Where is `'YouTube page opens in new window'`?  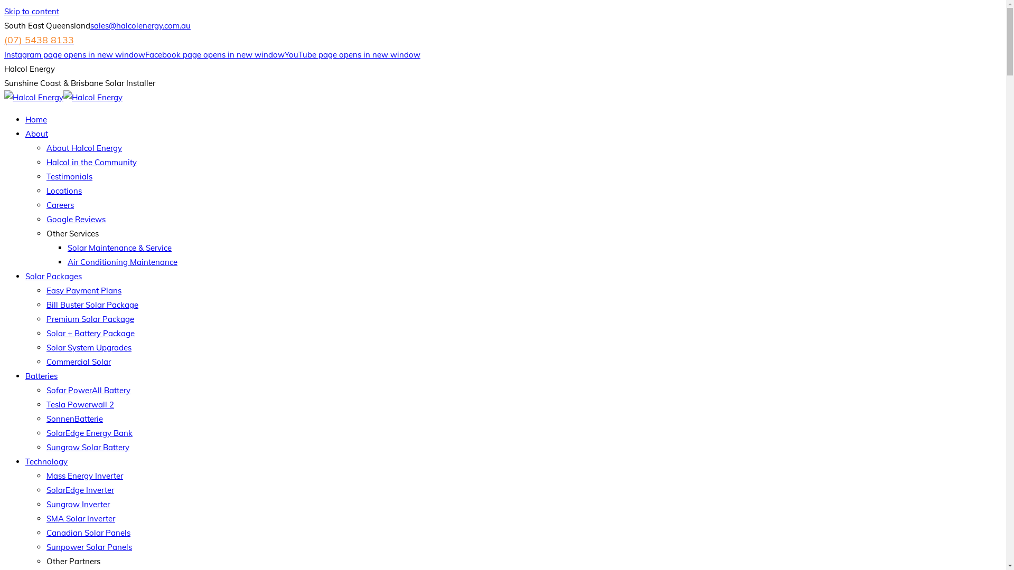
'YouTube page opens in new window' is located at coordinates (352, 54).